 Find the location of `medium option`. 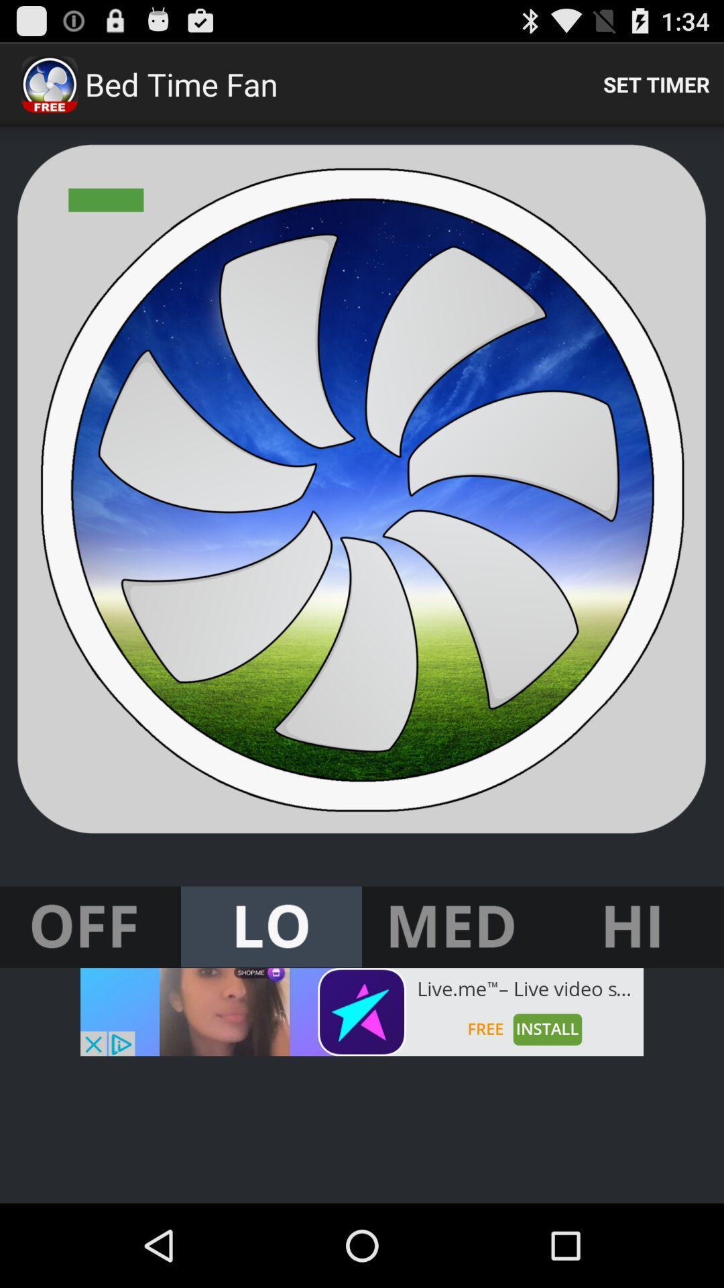

medium option is located at coordinates (452, 926).